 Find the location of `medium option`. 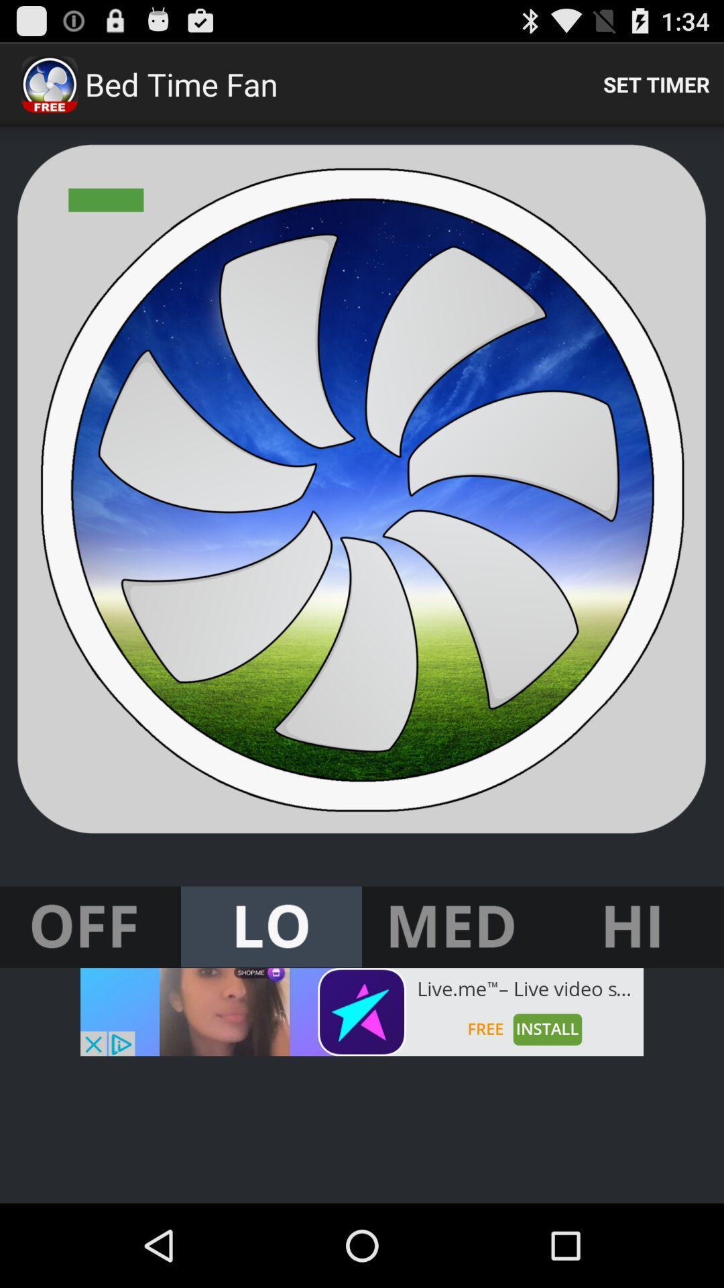

medium option is located at coordinates (452, 926).